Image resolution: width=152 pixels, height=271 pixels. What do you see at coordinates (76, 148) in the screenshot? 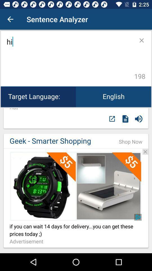
I see `clcik on shop now` at bounding box center [76, 148].